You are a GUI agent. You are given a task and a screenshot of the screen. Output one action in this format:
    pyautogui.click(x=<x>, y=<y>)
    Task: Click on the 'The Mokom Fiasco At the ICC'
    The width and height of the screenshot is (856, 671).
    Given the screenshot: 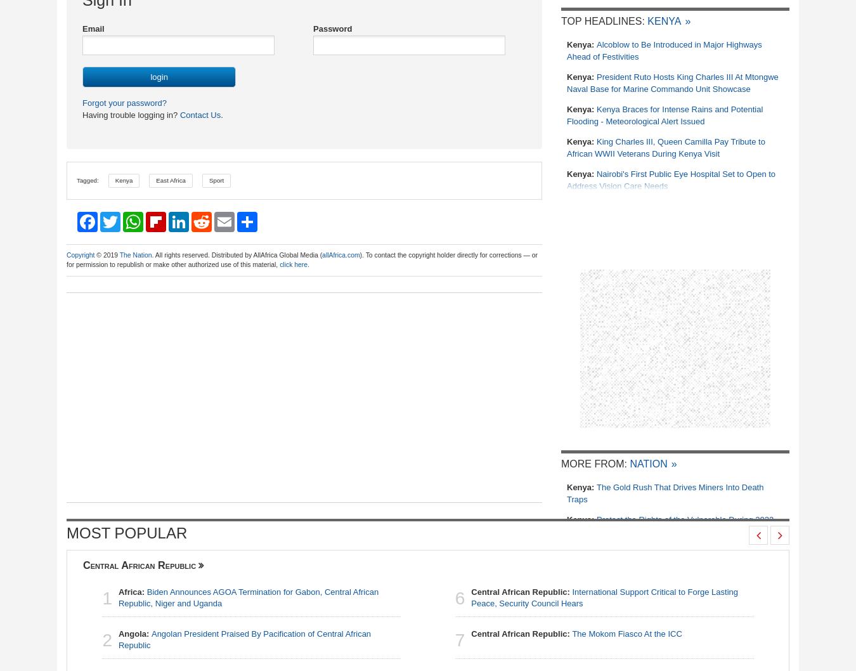 What is the action you would take?
    pyautogui.click(x=571, y=632)
    